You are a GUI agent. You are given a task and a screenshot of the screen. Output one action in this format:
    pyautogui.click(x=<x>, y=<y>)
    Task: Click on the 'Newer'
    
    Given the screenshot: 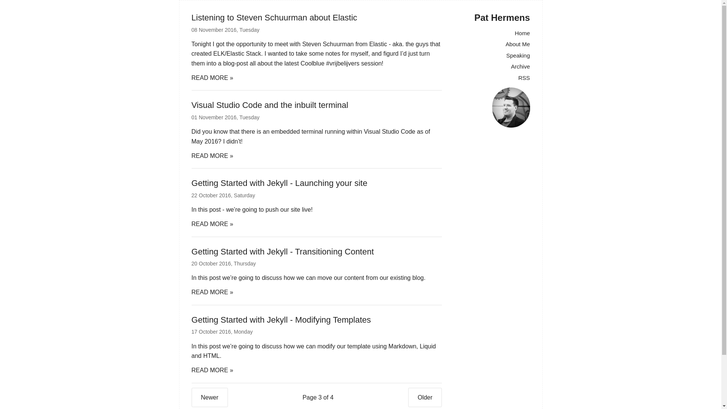 What is the action you would take?
    pyautogui.click(x=191, y=397)
    